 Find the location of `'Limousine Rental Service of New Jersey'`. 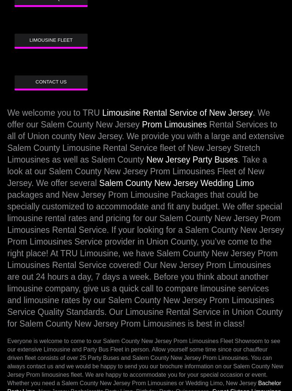

'Limousine Rental Service of New Jersey' is located at coordinates (177, 112).